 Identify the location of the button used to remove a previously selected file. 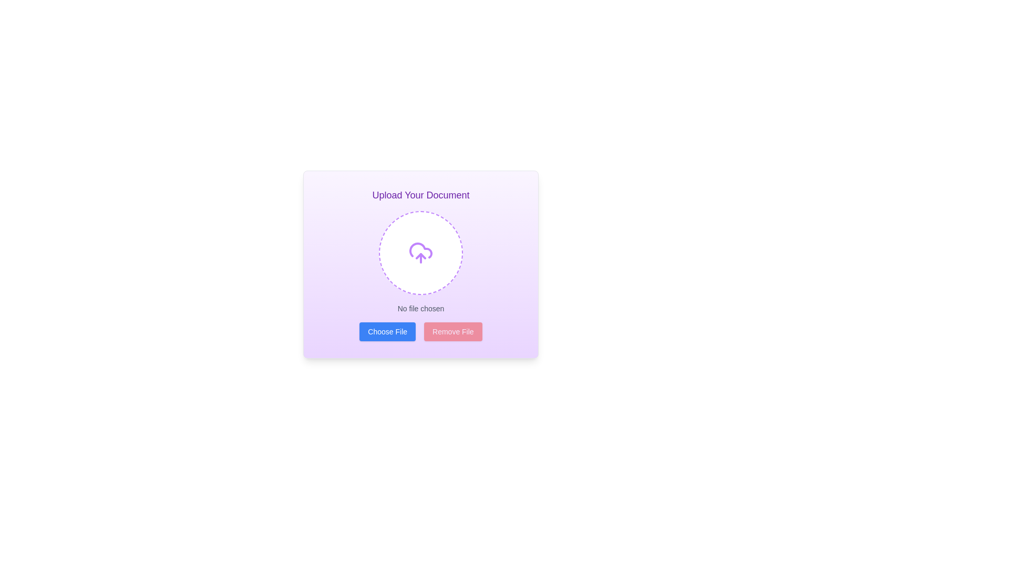
(453, 332).